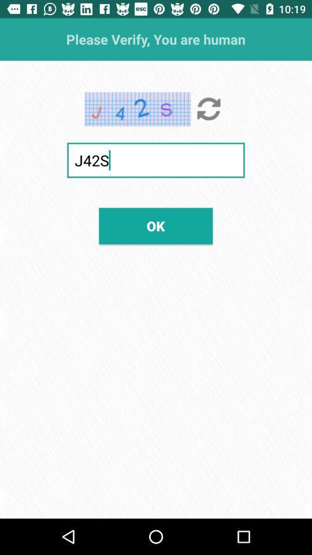 This screenshot has width=312, height=555. Describe the element at coordinates (208, 109) in the screenshot. I see `icon above the j42s icon` at that location.